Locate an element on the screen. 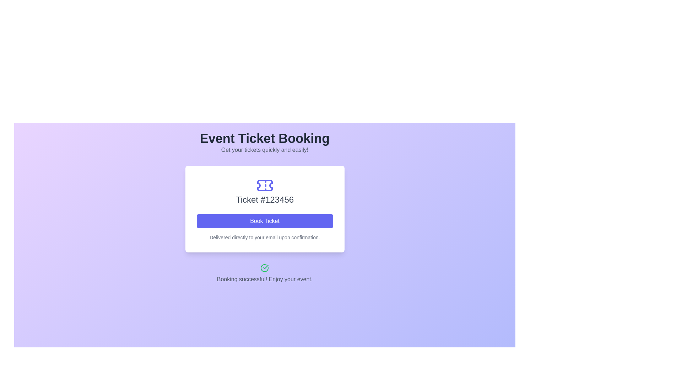 The height and width of the screenshot is (384, 682). the static informational text that reads 'Get your tickets quickly and easily!', which is displayed in a smaller gray font and is located beneath the title 'Event Ticket Booking' is located at coordinates (264, 149).